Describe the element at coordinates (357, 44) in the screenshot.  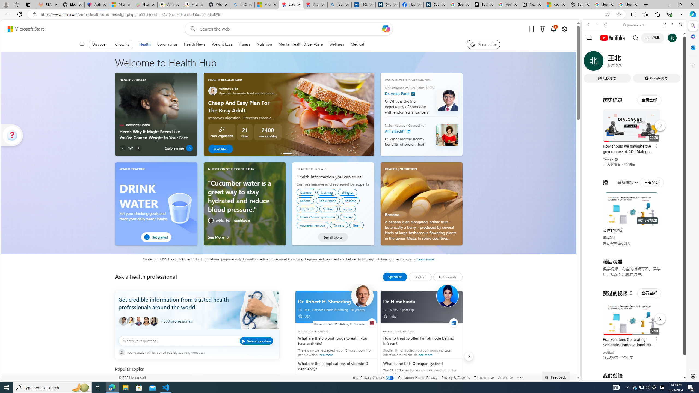
I see `'Medical'` at that location.